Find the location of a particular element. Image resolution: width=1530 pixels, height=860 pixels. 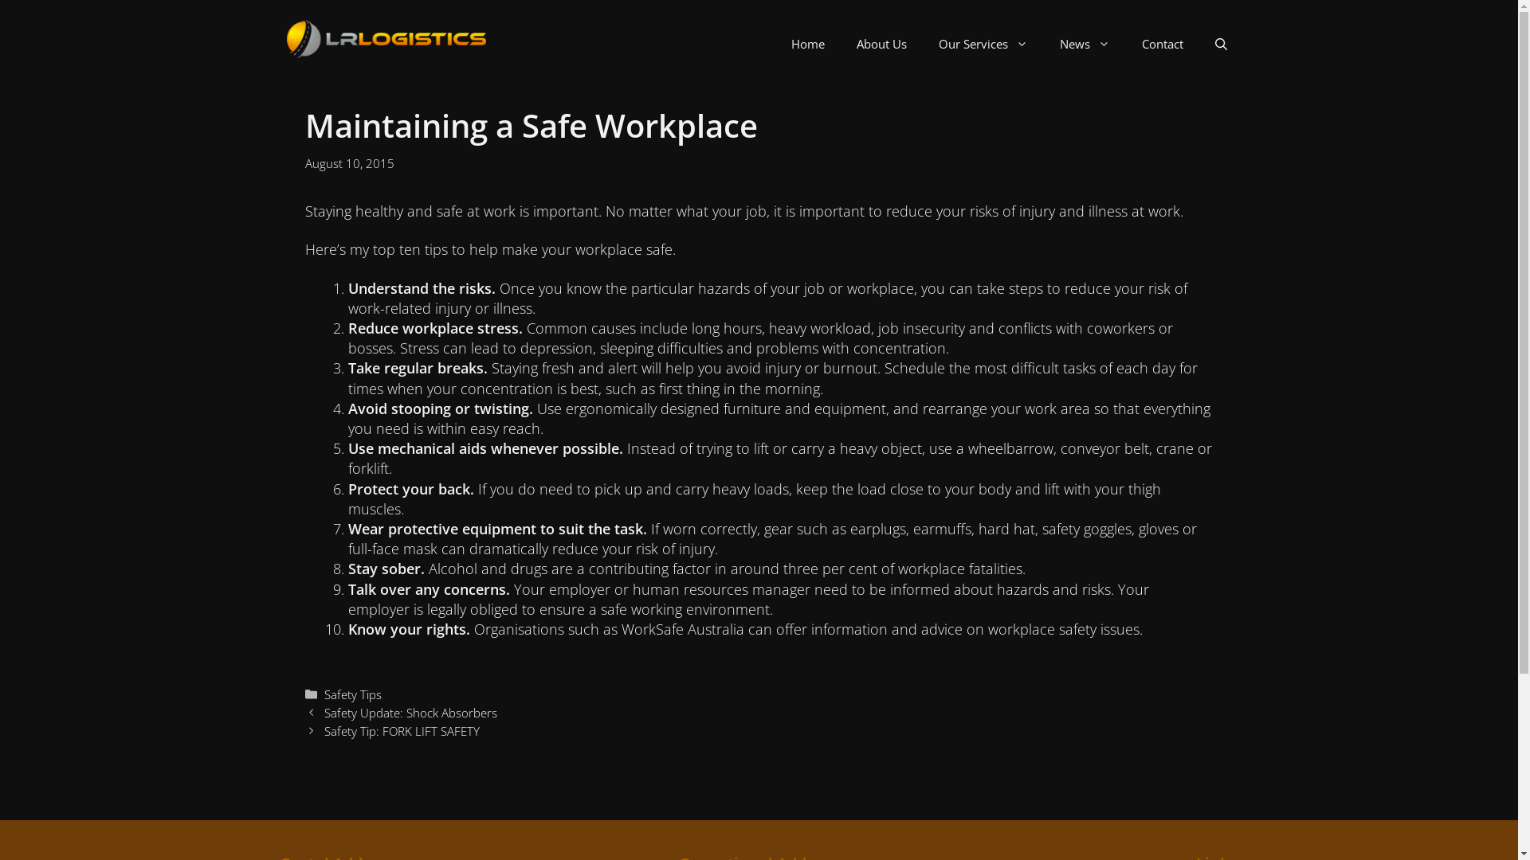

'Our Services' is located at coordinates (982, 42).